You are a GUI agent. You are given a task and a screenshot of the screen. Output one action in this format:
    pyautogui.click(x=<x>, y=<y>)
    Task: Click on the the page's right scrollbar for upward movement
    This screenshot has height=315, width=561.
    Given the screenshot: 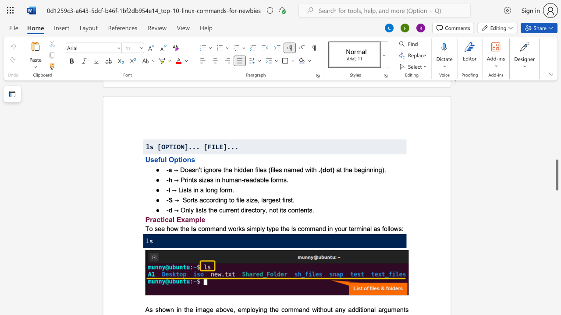 What is the action you would take?
    pyautogui.click(x=556, y=131)
    